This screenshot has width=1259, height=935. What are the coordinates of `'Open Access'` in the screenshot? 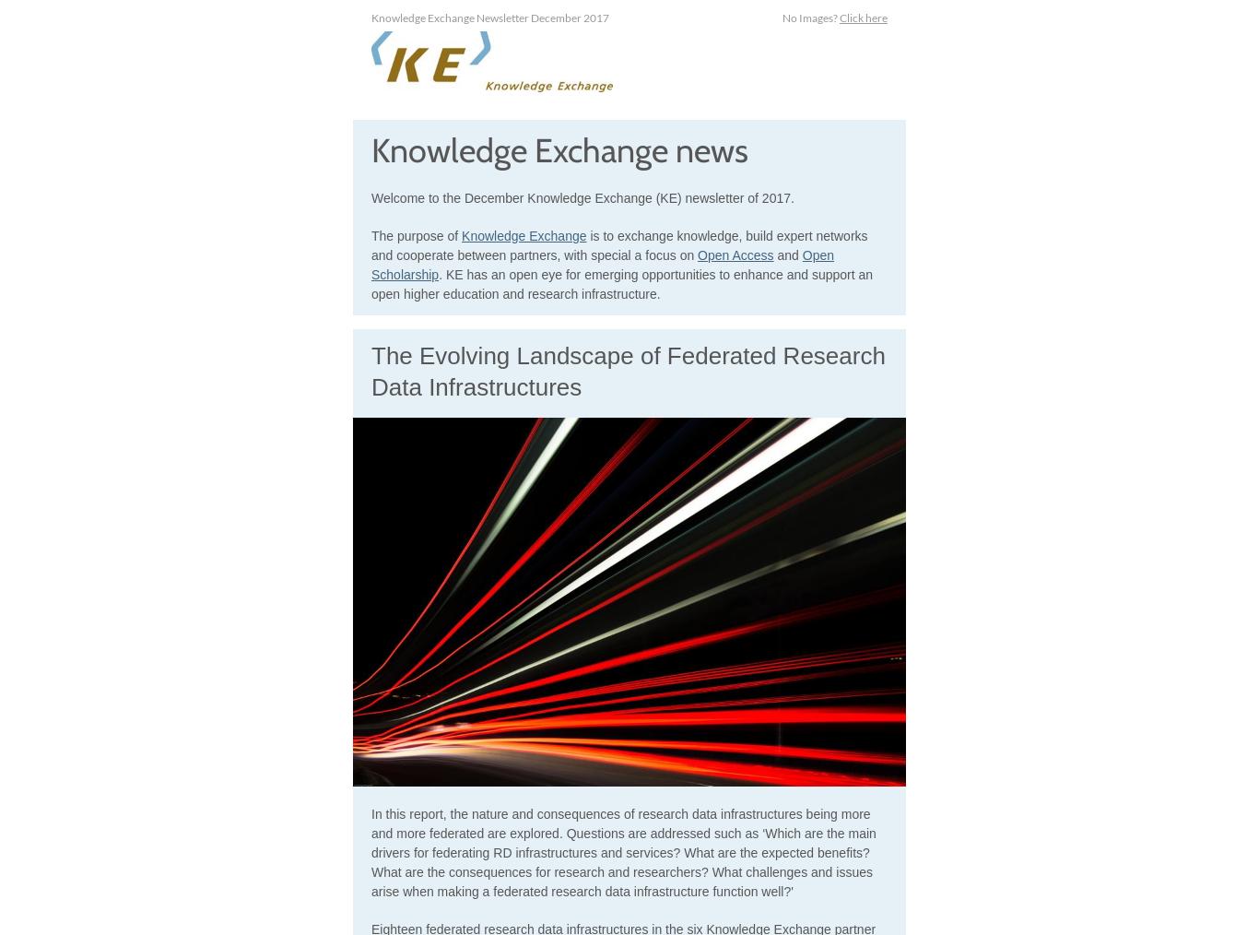 It's located at (735, 255).